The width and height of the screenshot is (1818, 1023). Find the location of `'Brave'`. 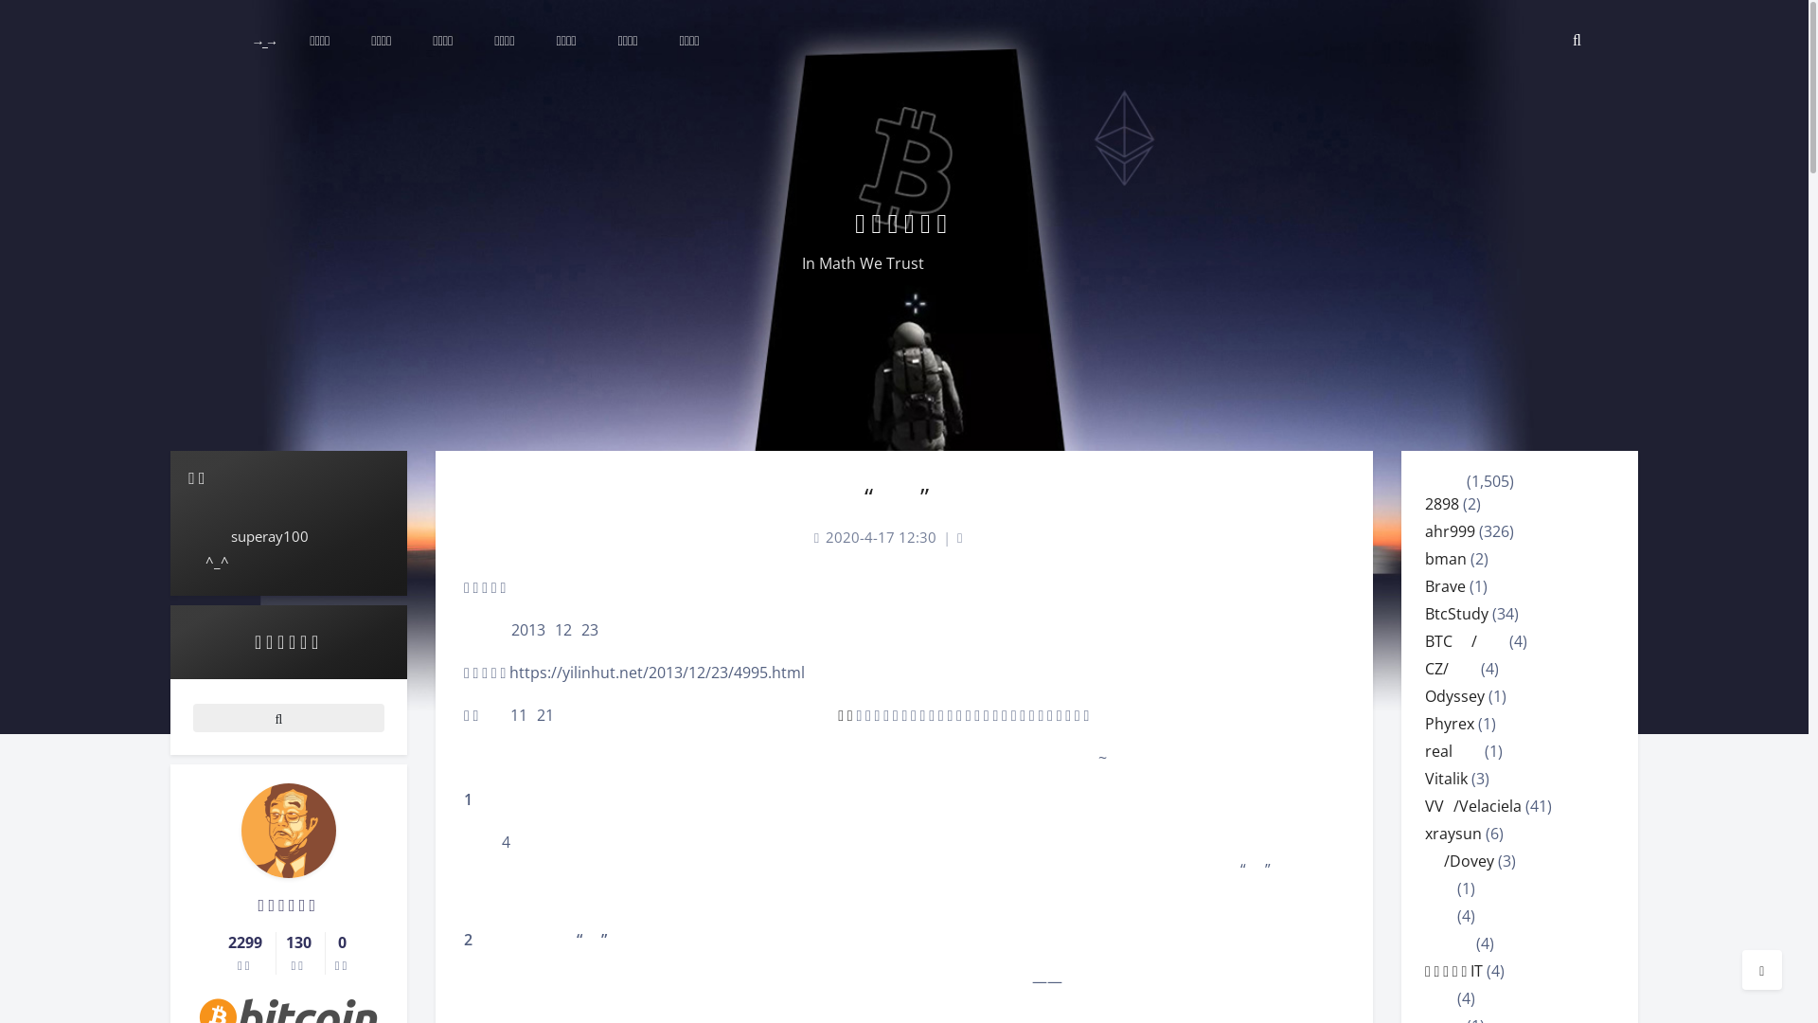

'Brave' is located at coordinates (1425, 584).